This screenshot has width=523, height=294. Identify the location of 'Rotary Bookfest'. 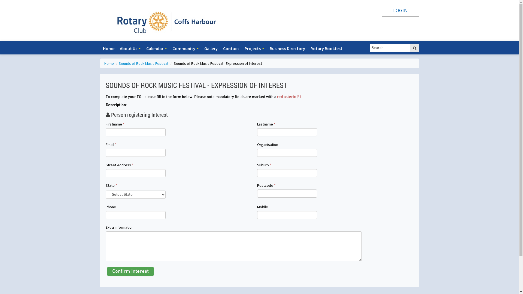
(326, 48).